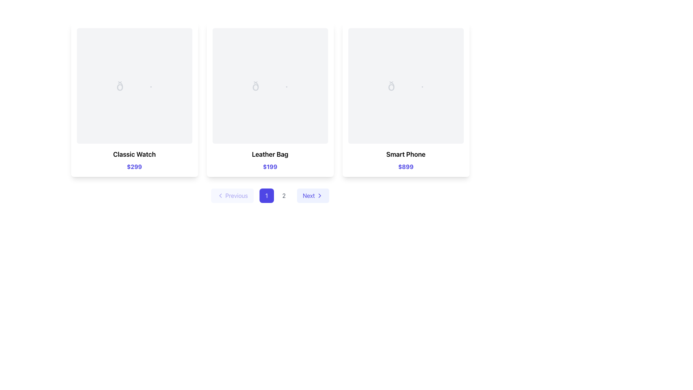  Describe the element at coordinates (220, 196) in the screenshot. I see `the left-arrow icon in the navigation section that indicates the 'Previous' button functionality` at that location.